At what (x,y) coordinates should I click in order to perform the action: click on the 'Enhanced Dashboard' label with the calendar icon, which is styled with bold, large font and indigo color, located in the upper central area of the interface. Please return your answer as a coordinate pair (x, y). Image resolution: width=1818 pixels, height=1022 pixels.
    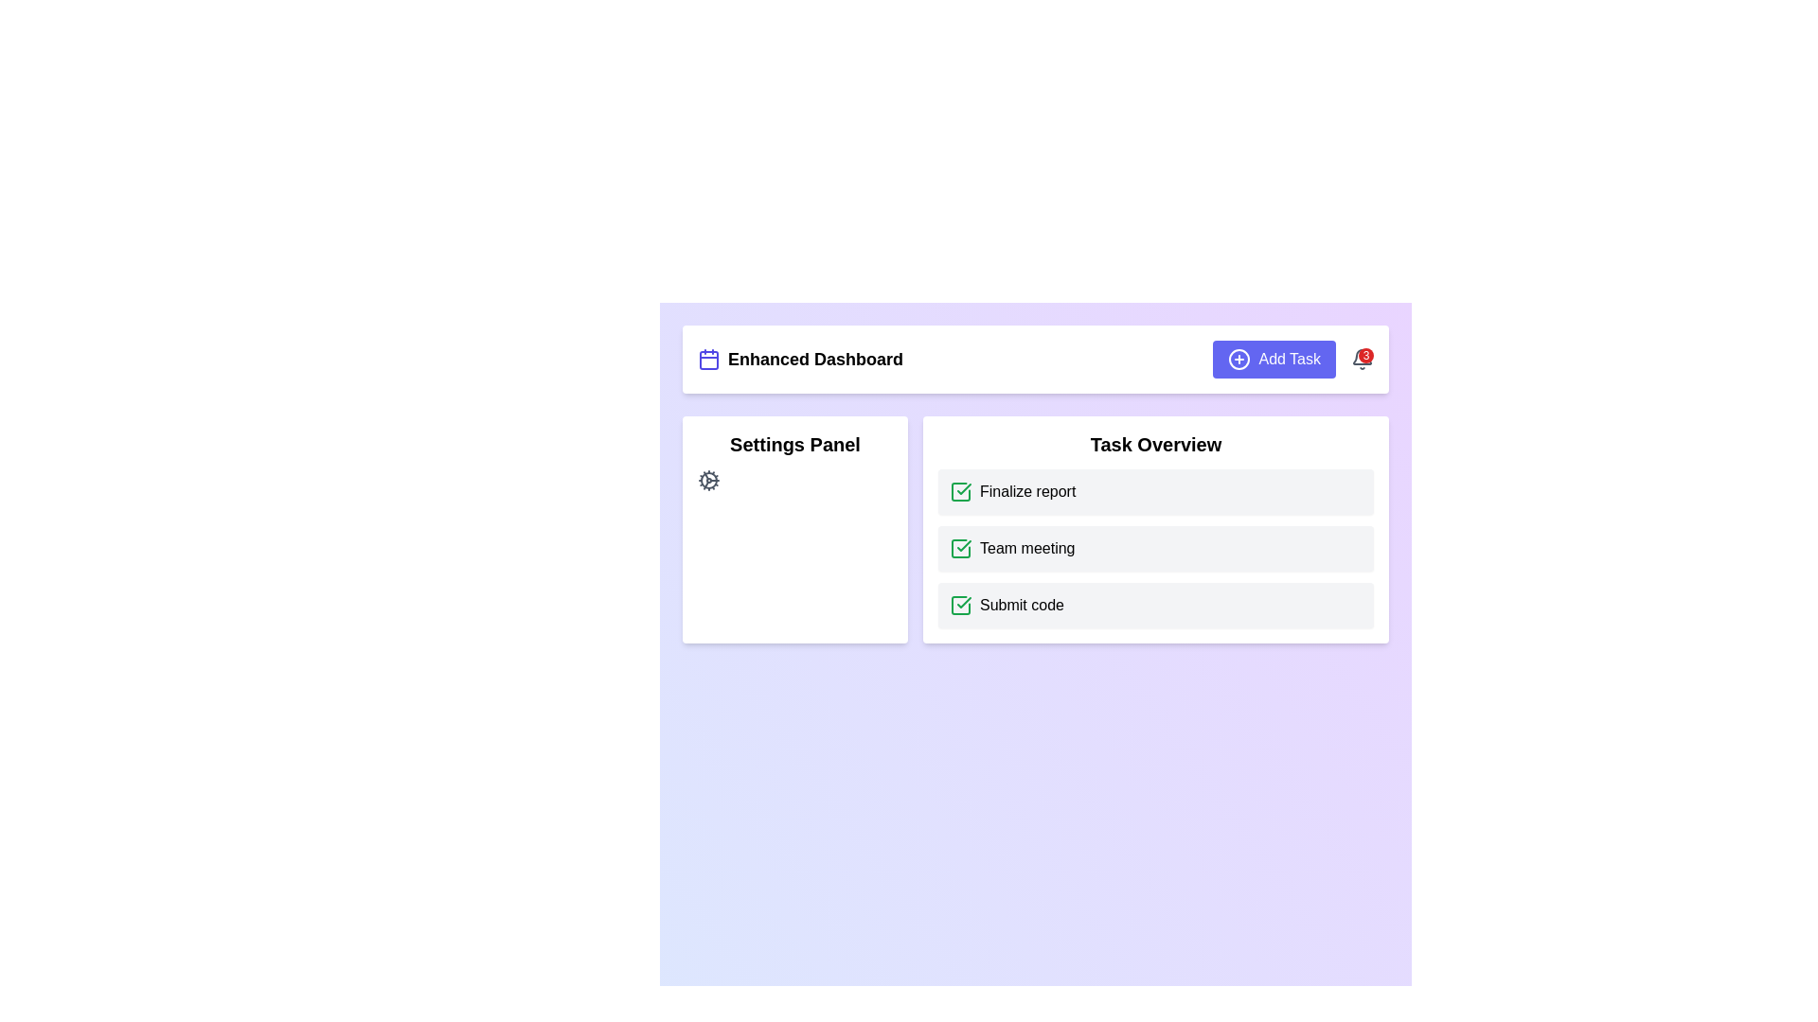
    Looking at the image, I should click on (800, 360).